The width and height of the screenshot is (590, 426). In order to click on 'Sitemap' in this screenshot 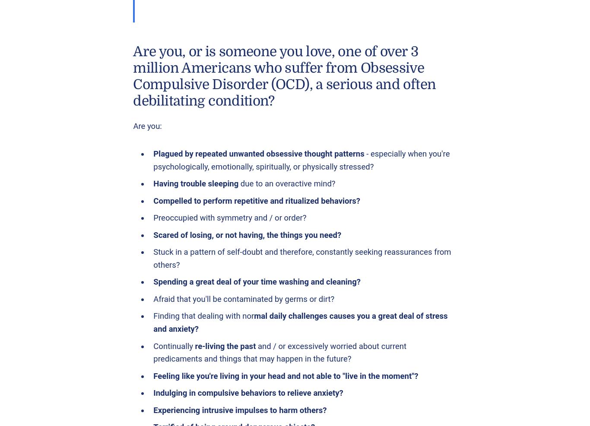, I will do `click(215, 157)`.